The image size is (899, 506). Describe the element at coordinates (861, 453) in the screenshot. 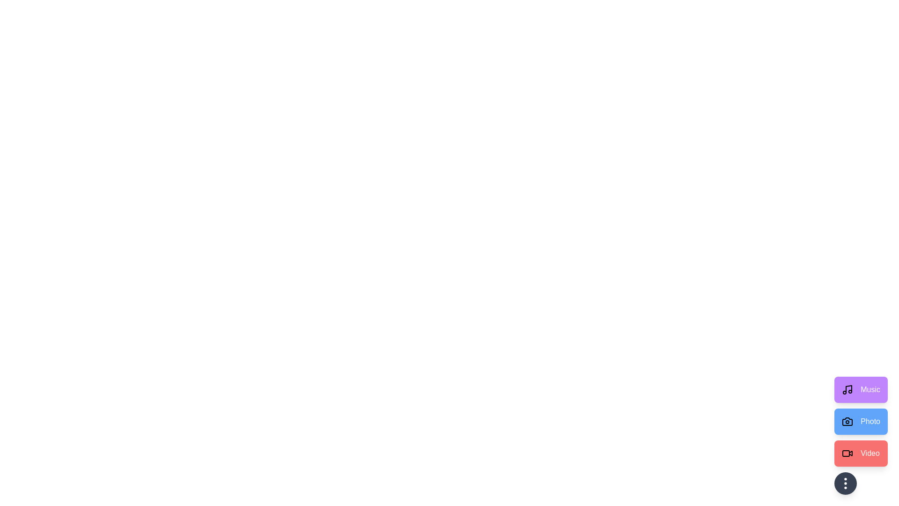

I see `the 'Video' option in the MultimediaSpeedDial component` at that location.